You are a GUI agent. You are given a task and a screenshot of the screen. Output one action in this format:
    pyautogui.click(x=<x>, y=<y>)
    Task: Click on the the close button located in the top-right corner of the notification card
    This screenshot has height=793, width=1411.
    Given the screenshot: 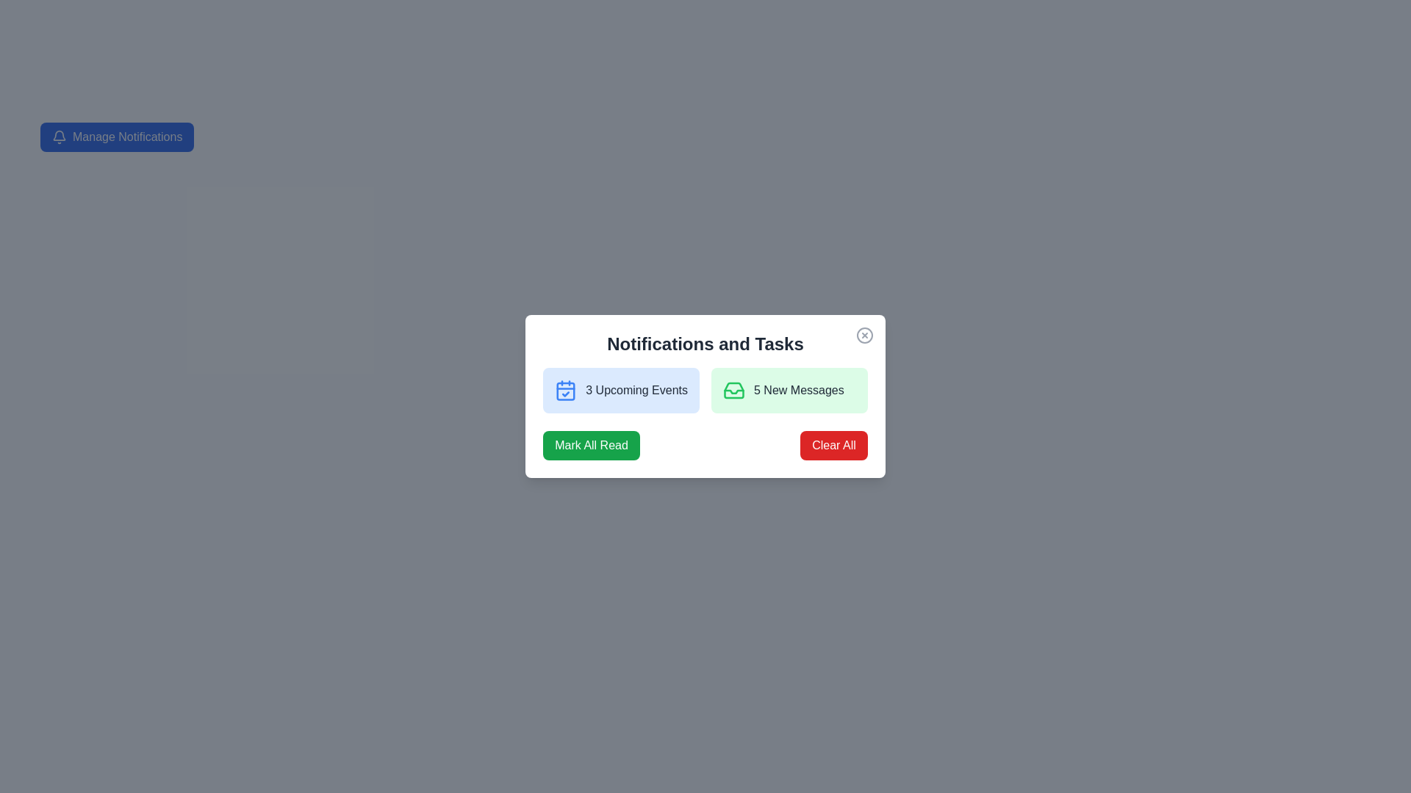 What is the action you would take?
    pyautogui.click(x=864, y=335)
    